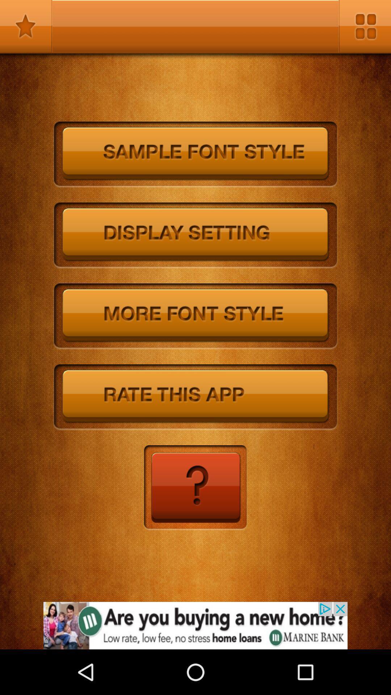 This screenshot has width=391, height=695. What do you see at coordinates (195, 625) in the screenshot?
I see `advertisement` at bounding box center [195, 625].